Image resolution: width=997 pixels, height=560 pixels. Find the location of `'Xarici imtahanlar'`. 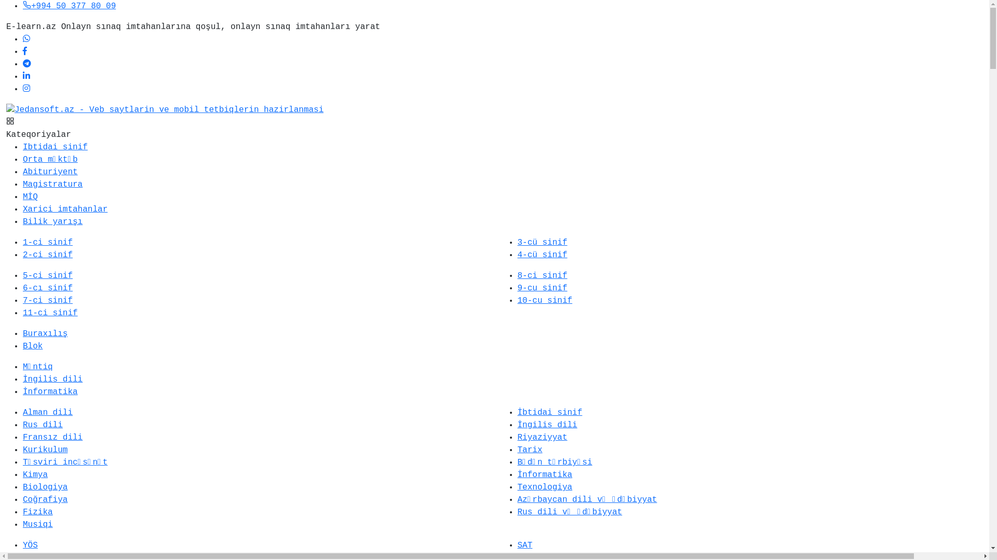

'Xarici imtahanlar' is located at coordinates (64, 209).